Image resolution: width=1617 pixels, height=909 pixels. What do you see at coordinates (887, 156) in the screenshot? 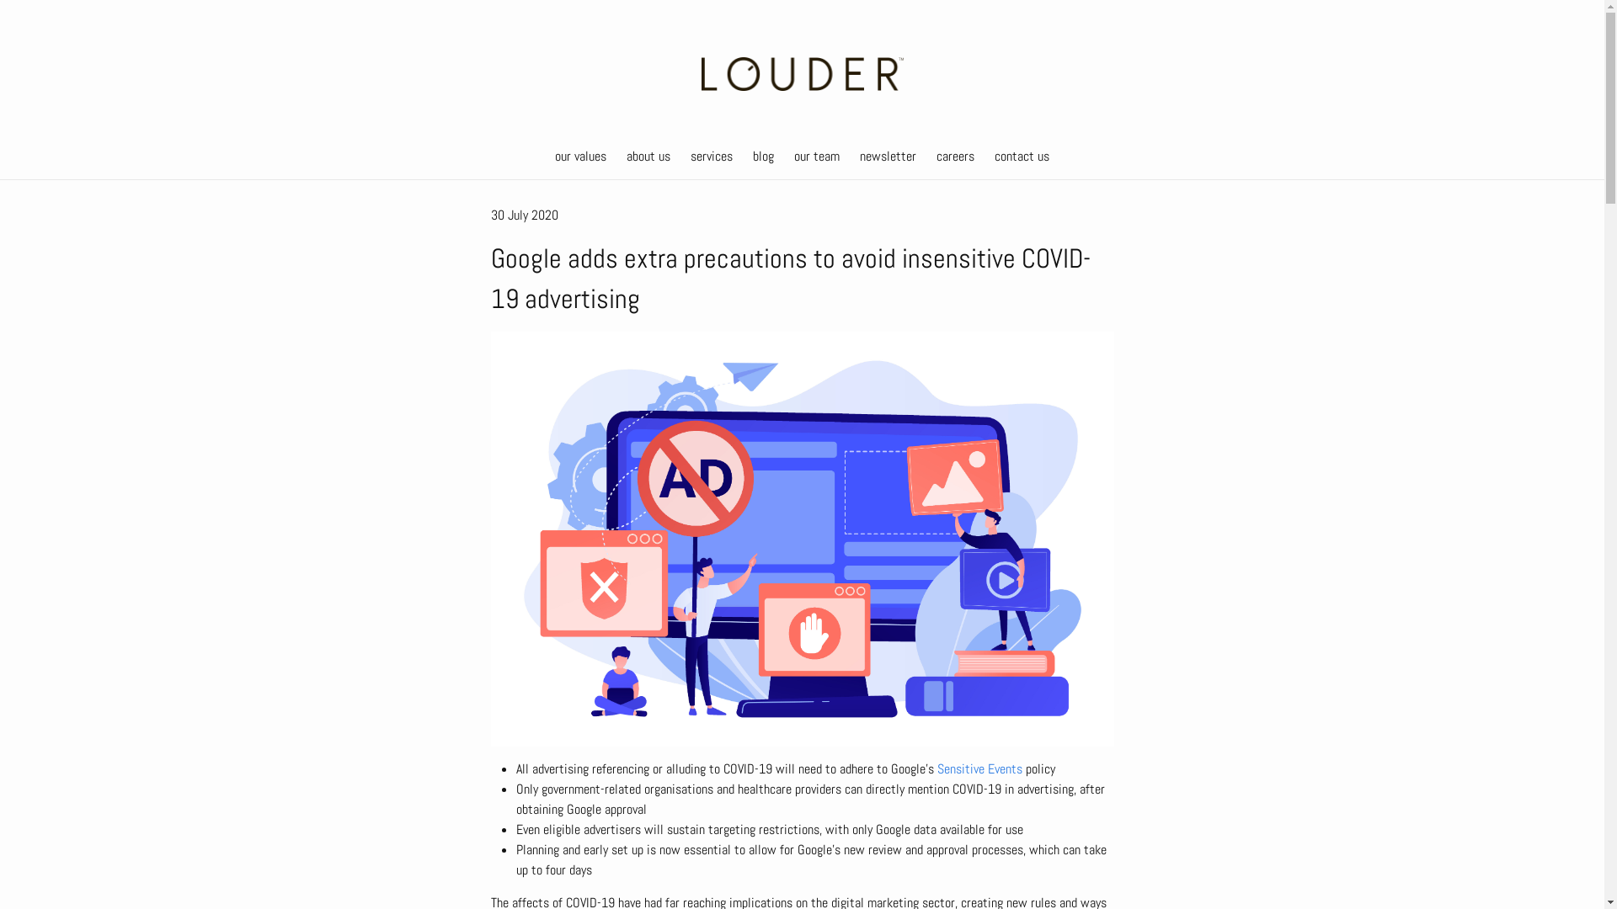
I see `'newsletter'` at bounding box center [887, 156].